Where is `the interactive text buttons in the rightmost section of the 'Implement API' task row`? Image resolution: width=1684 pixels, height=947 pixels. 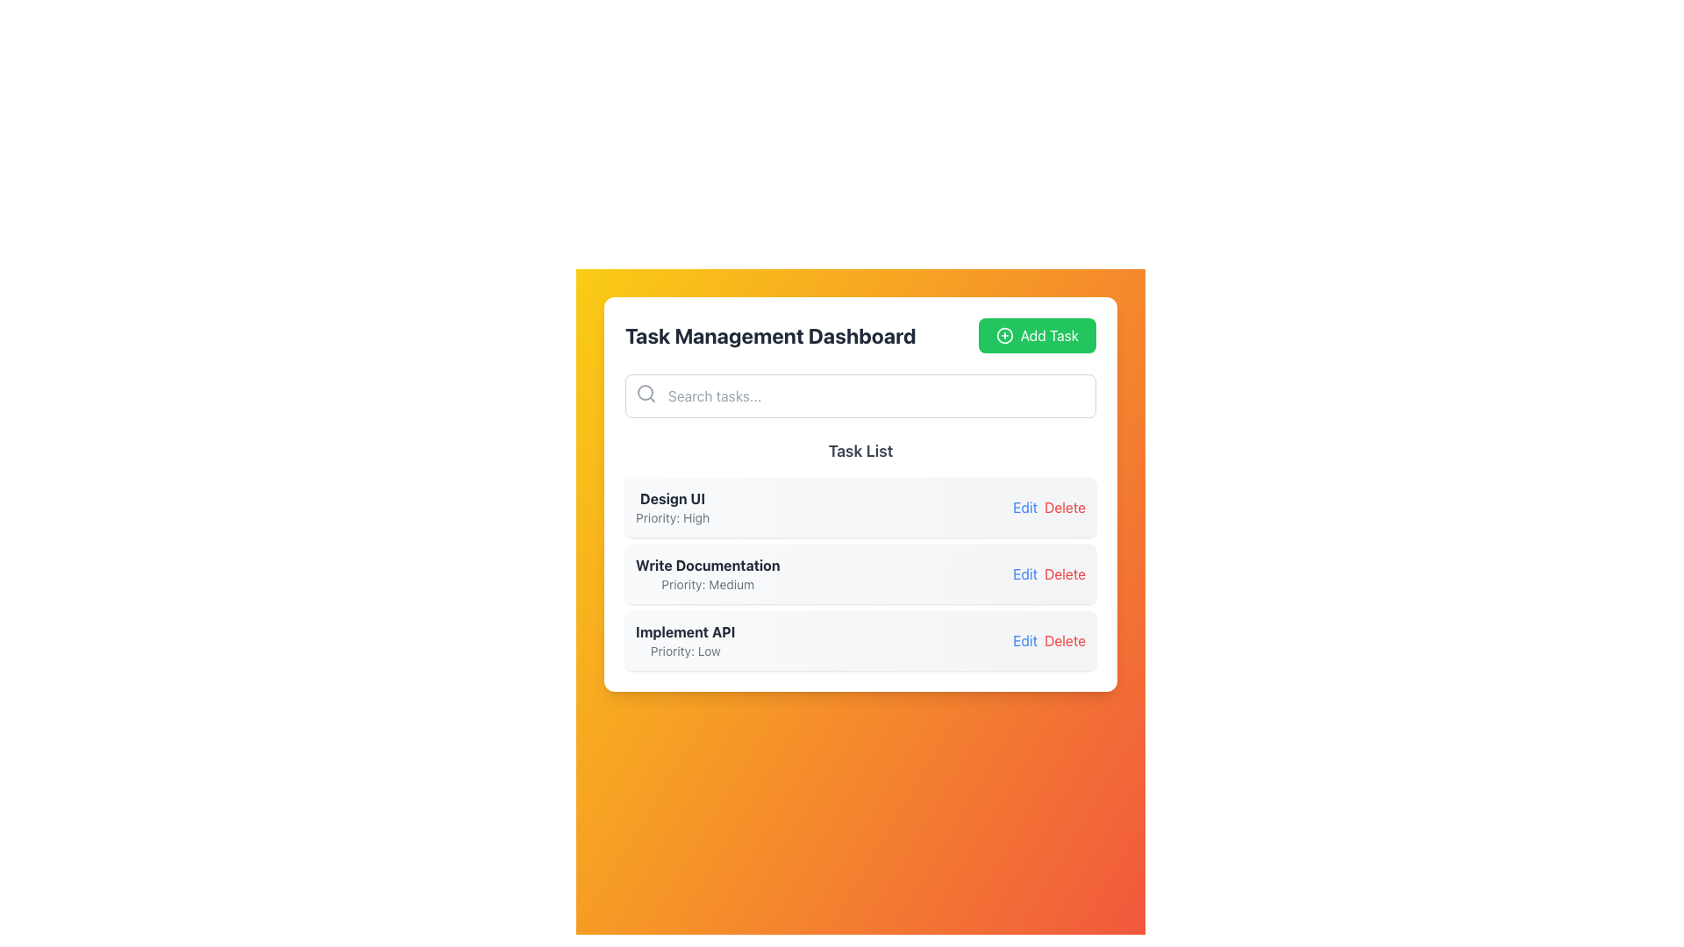
the interactive text buttons in the rightmost section of the 'Implement API' task row is located at coordinates (1045, 641).